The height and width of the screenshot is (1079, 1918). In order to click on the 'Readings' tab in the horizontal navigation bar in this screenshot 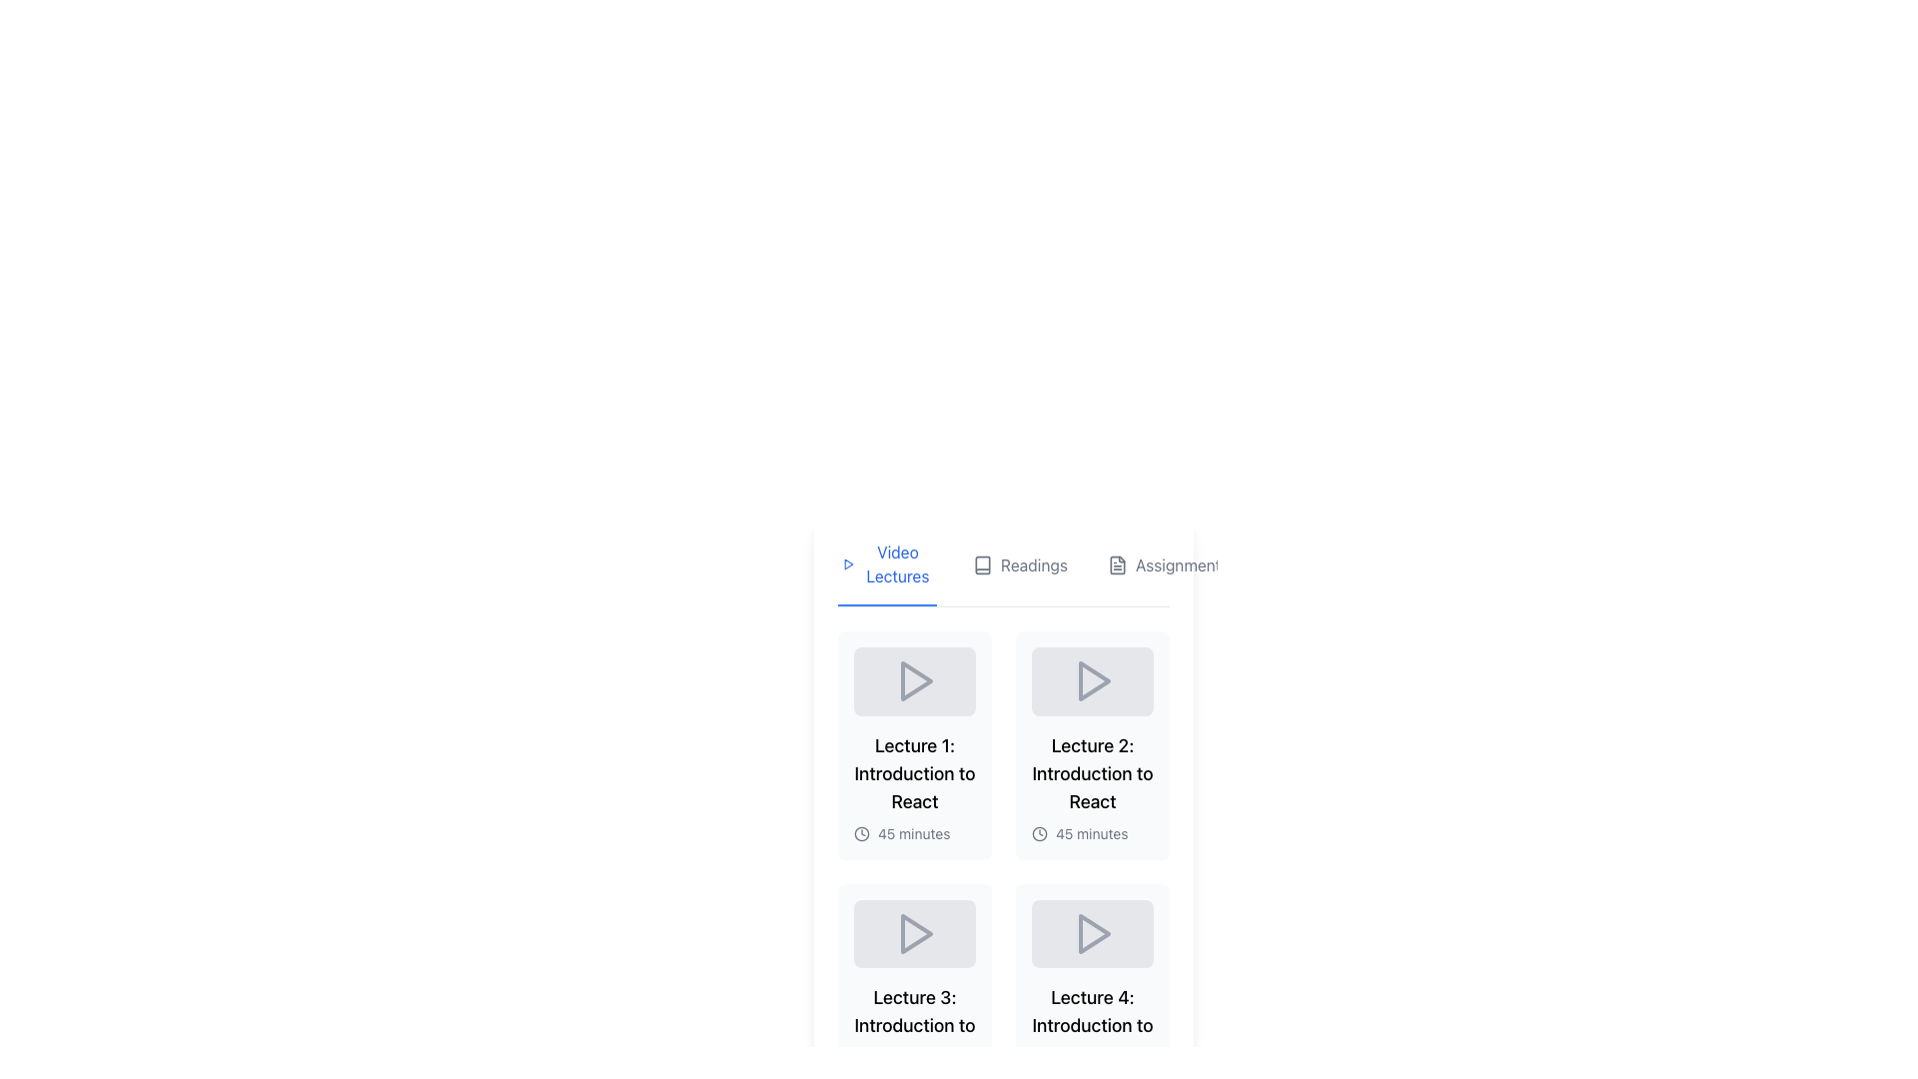, I will do `click(1020, 573)`.